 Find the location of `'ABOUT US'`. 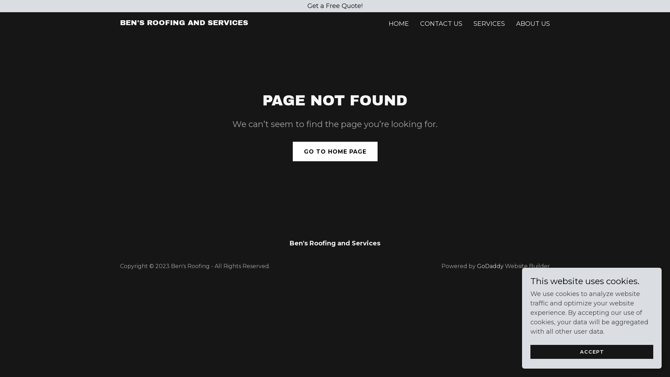

'ABOUT US' is located at coordinates (533, 23).